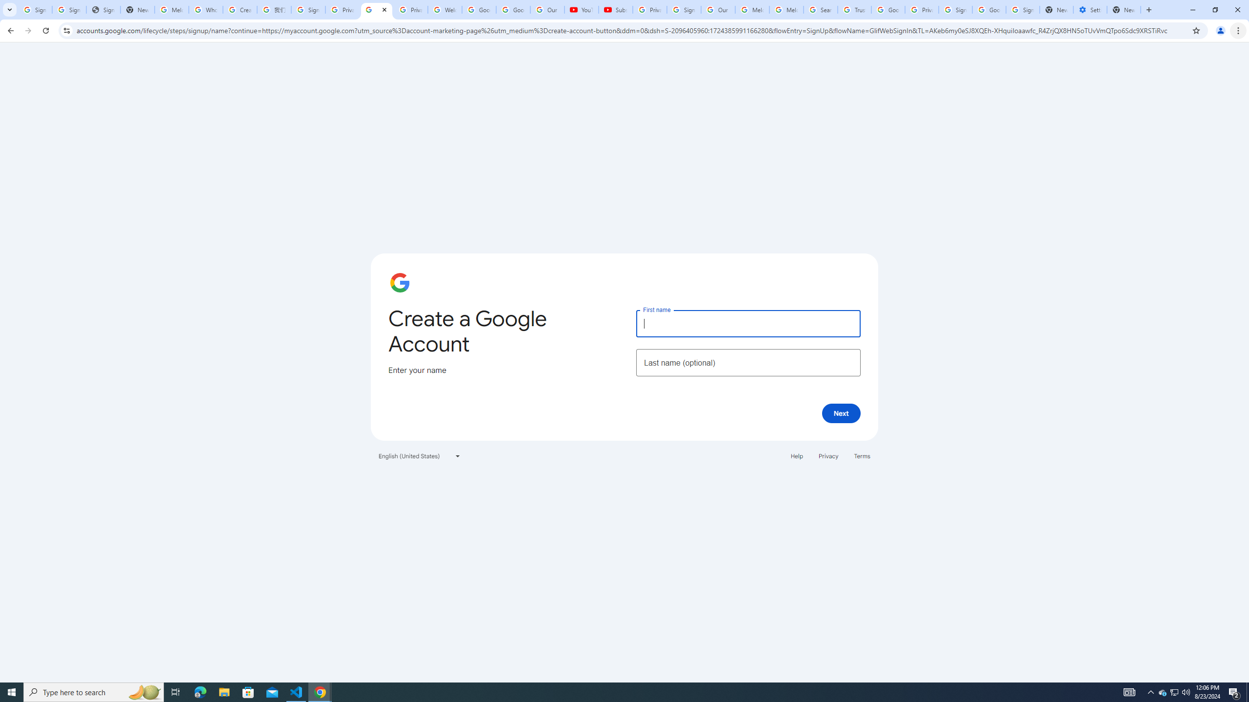  What do you see at coordinates (841, 412) in the screenshot?
I see `'Next'` at bounding box center [841, 412].